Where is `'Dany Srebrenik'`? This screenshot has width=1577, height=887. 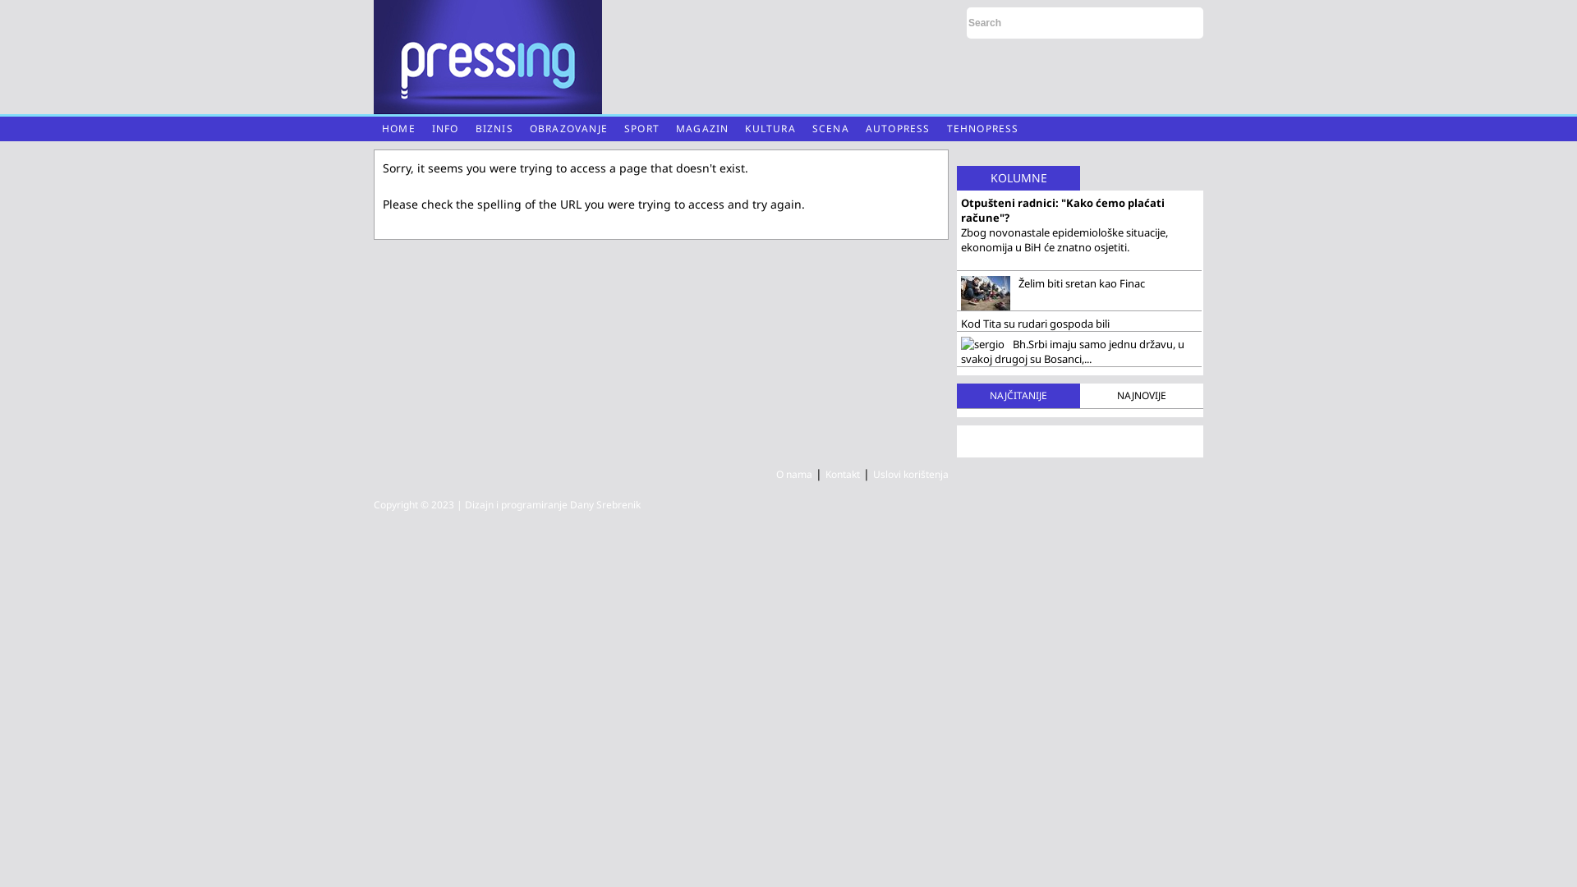 'Dany Srebrenik' is located at coordinates (605, 503).